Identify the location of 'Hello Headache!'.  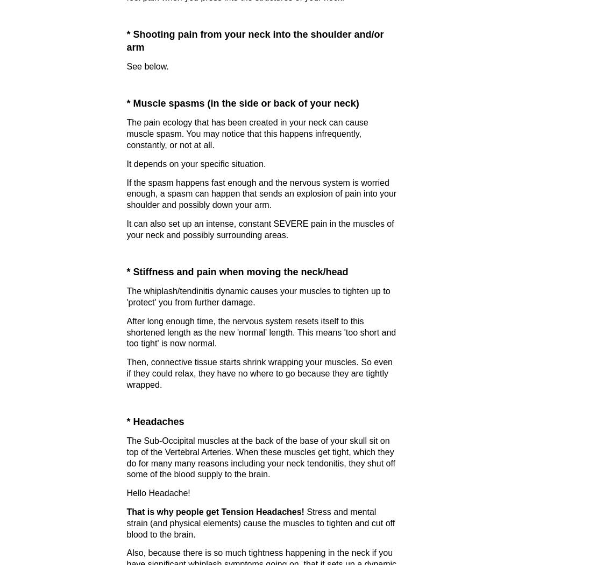
(158, 492).